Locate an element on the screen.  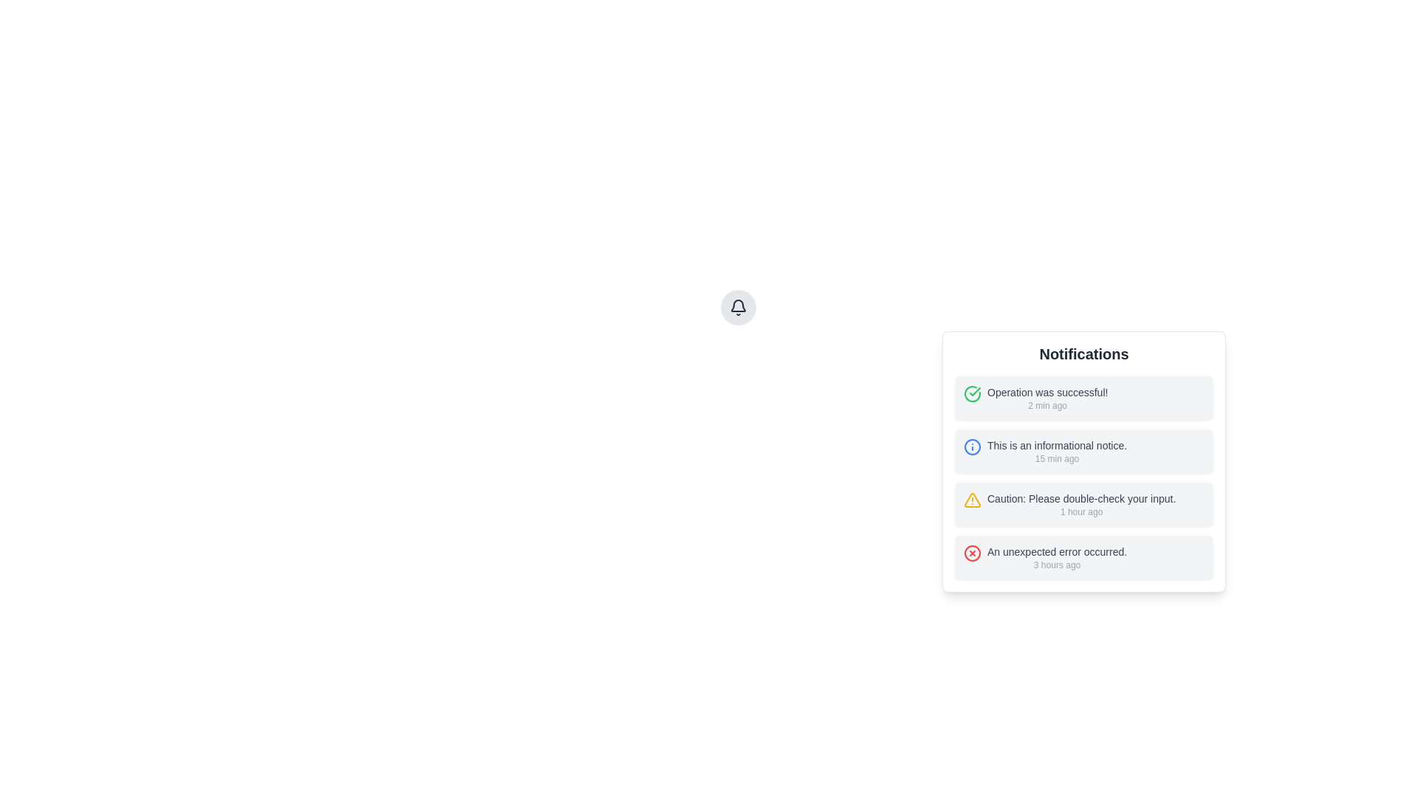
the text label displaying '1 hour ago', which is styled in a small gray font located at the bottom right corner of the notification entry is located at coordinates (1081, 511).